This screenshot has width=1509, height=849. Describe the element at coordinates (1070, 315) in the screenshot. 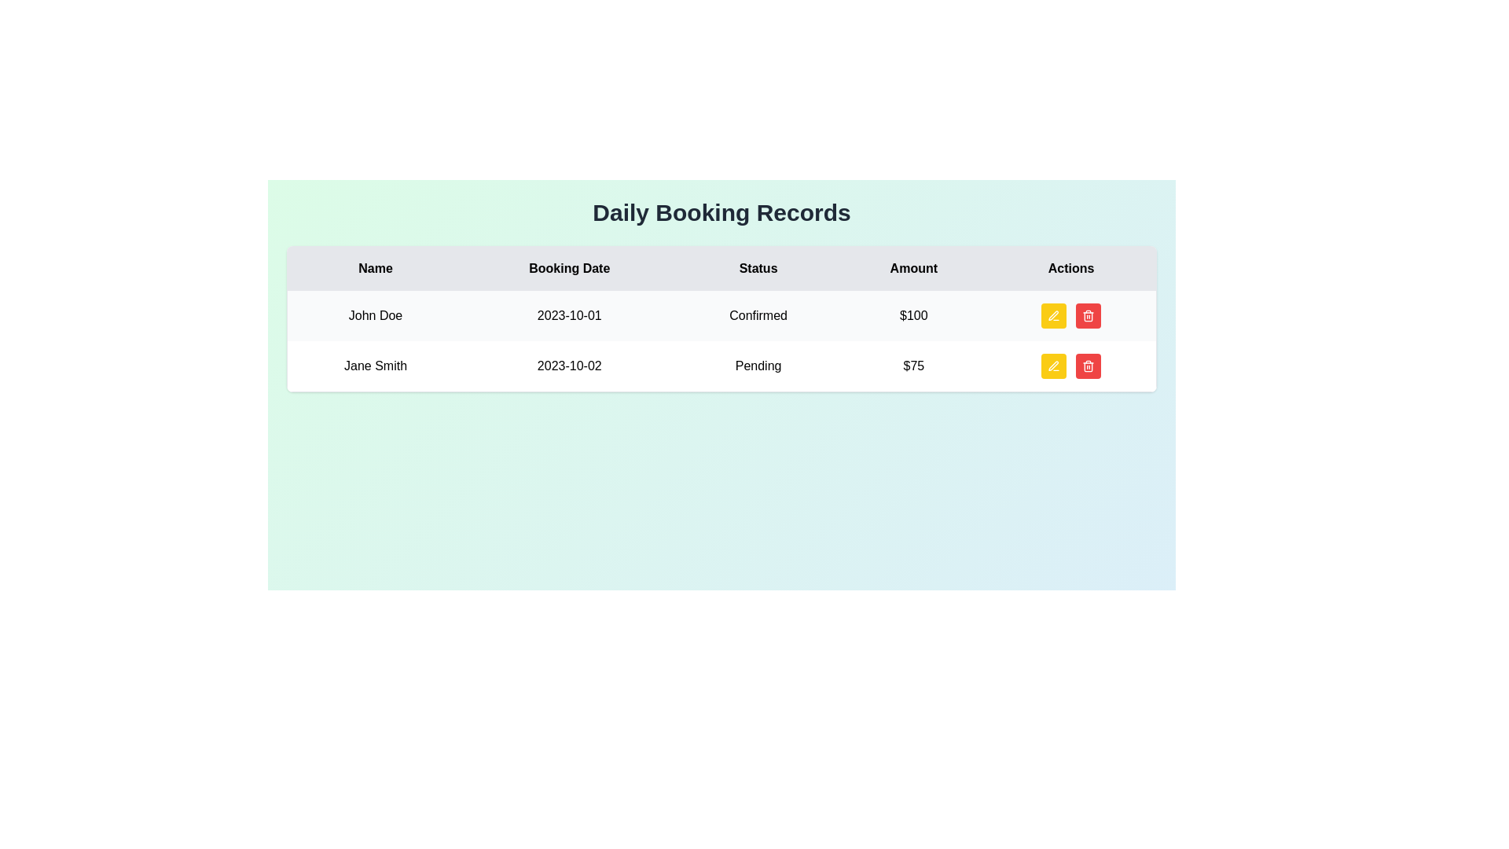

I see `the neutral circular button located in the 'Actions' column of the first row in the table layout, positioned between the 'Edit' and 'Delete' buttons` at that location.